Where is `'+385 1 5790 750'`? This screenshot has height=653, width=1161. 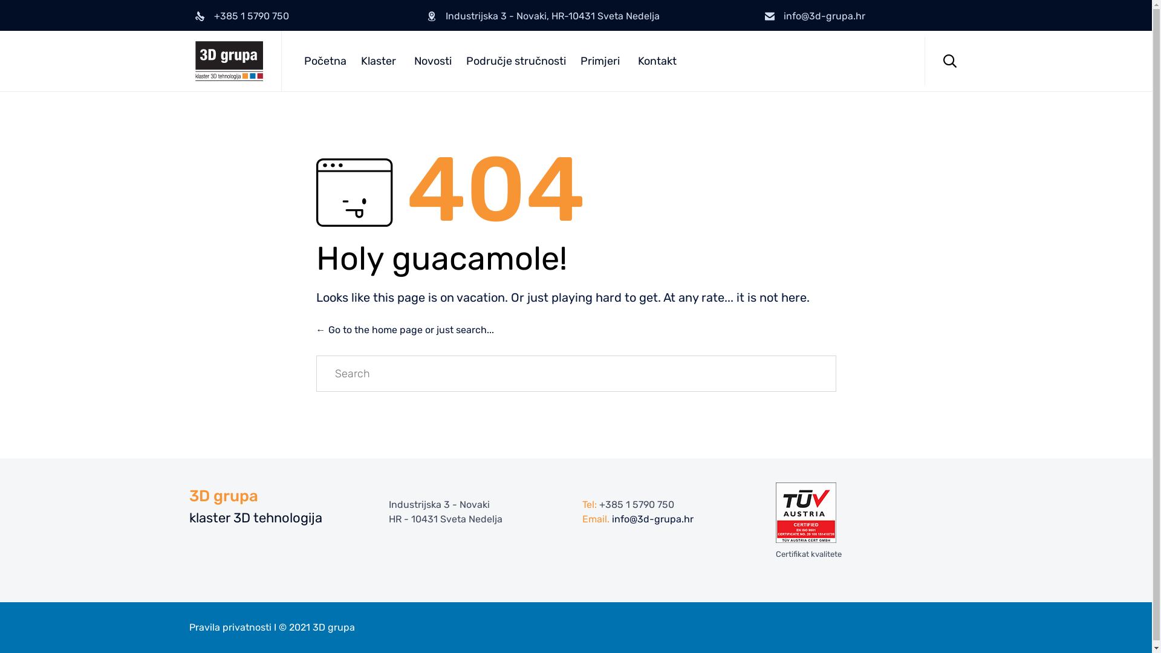 '+385 1 5790 750' is located at coordinates (635, 504).